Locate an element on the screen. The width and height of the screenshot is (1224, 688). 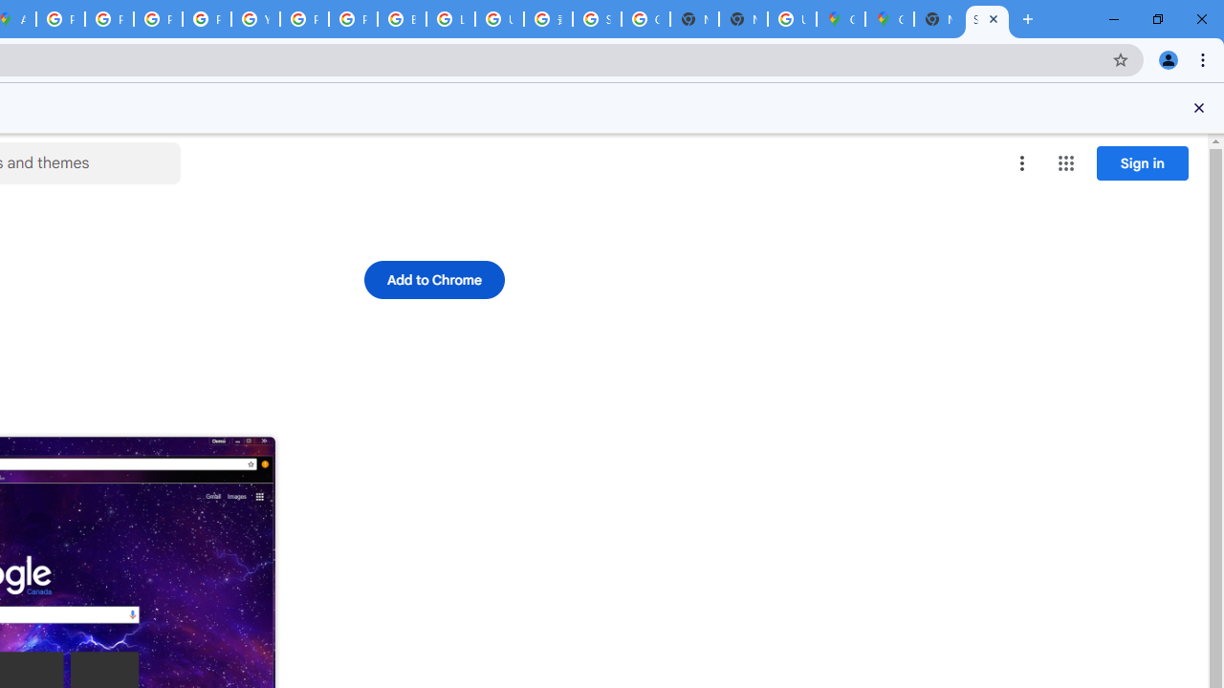
'More options menu' is located at coordinates (1021, 162).